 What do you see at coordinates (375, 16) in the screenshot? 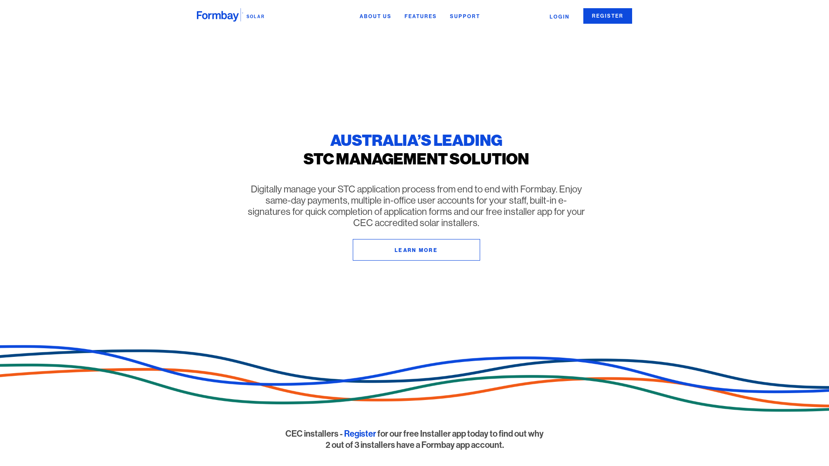
I see `'ABOUT US'` at bounding box center [375, 16].